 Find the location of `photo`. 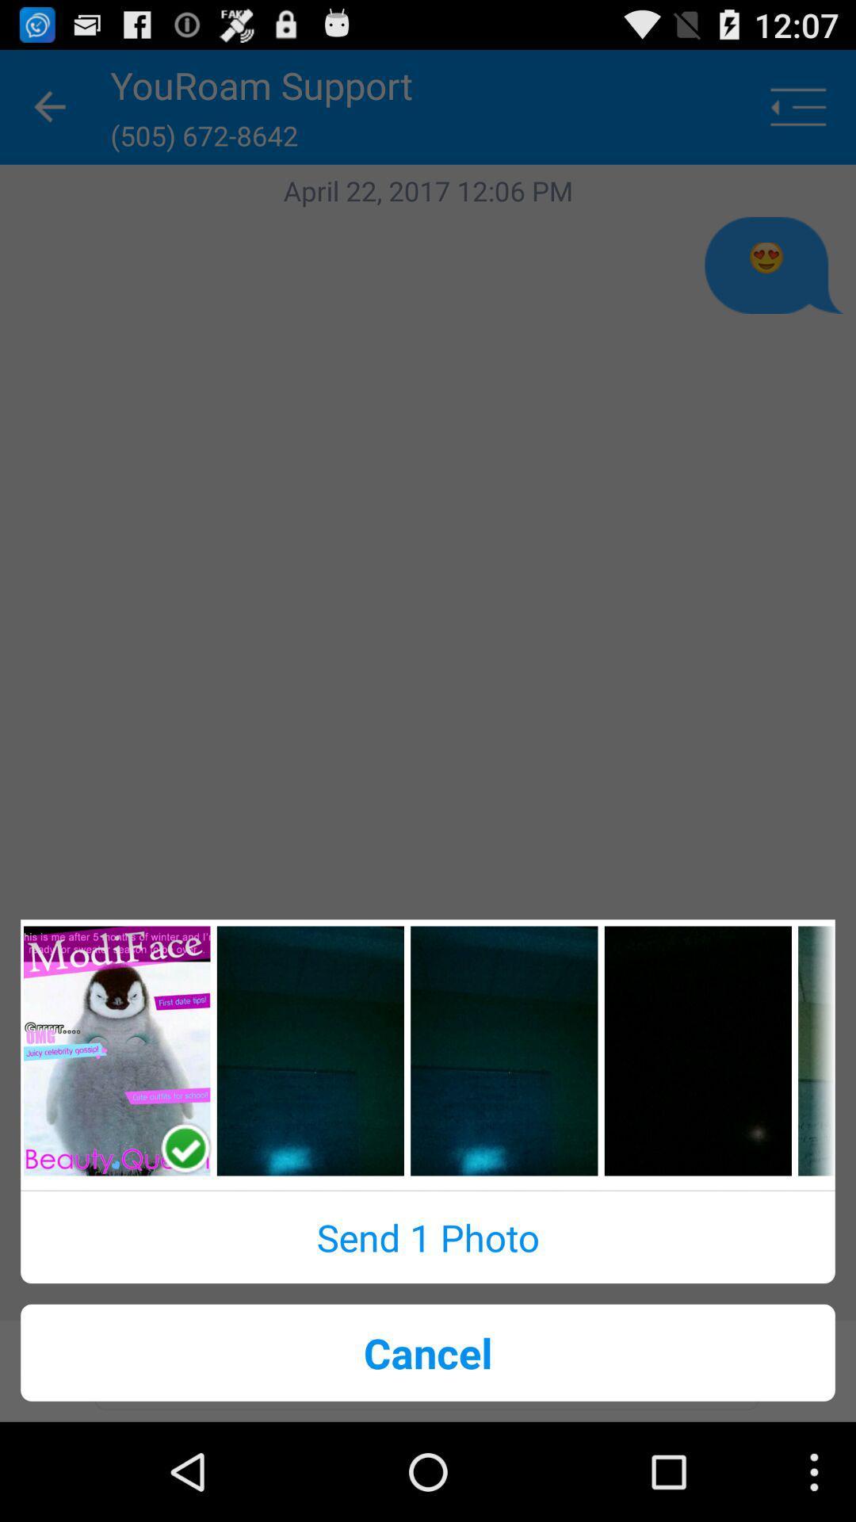

photo is located at coordinates (310, 1050).